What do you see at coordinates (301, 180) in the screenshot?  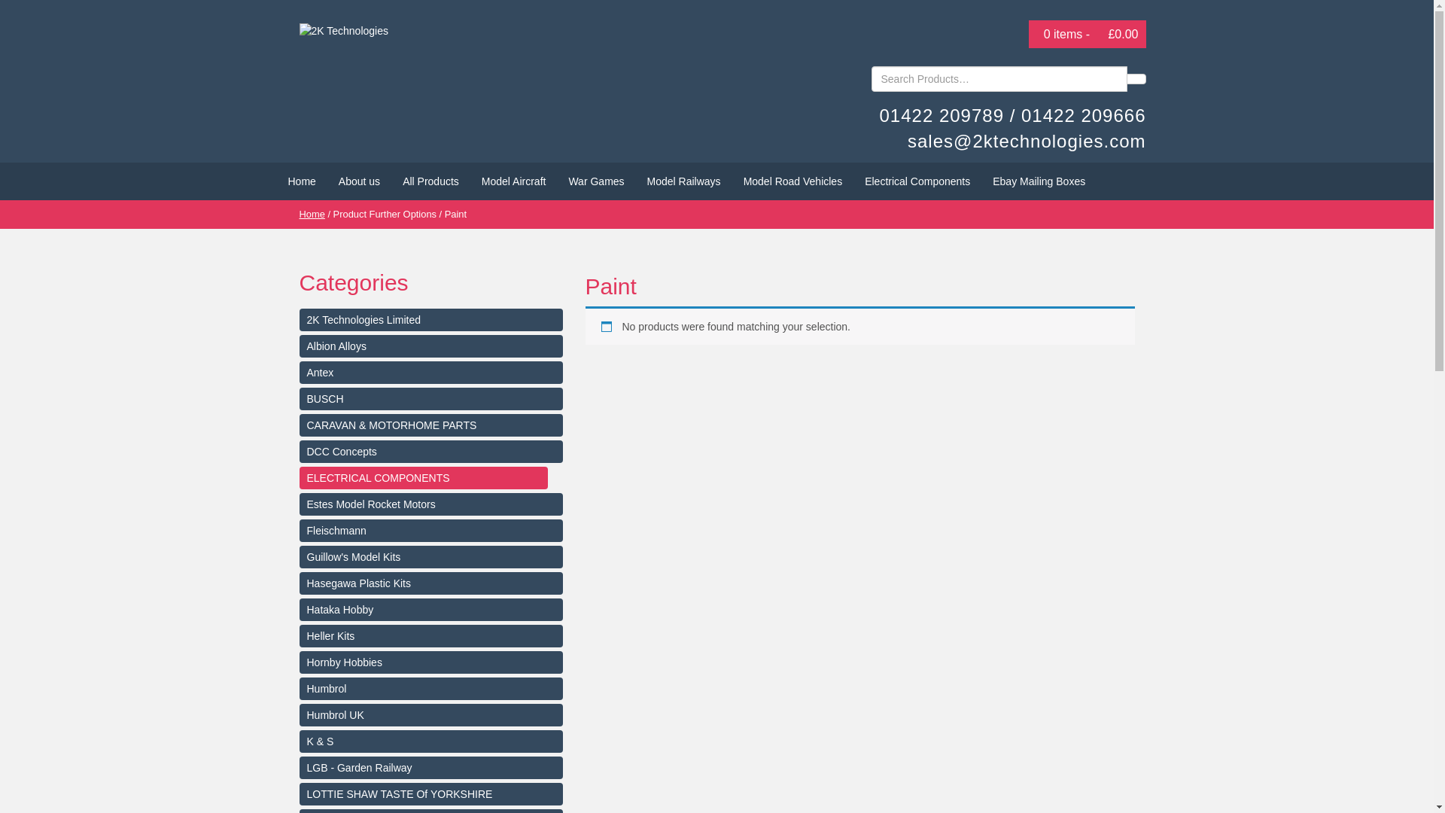 I see `'Home'` at bounding box center [301, 180].